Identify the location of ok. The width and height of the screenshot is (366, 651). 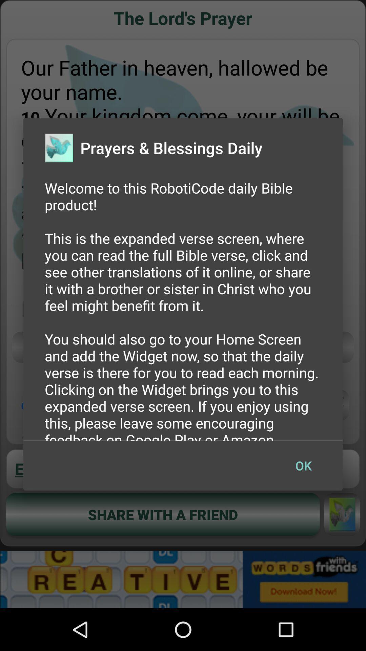
(303, 465).